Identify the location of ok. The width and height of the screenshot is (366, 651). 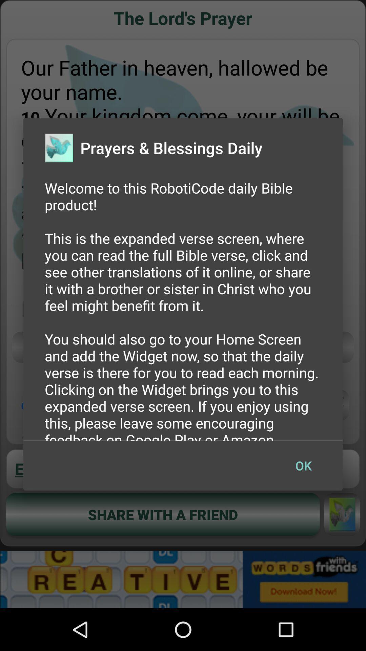
(303, 465).